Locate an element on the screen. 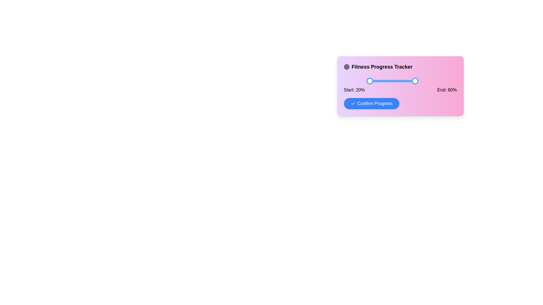 The width and height of the screenshot is (543, 305). the Iconic element (circle) located in the middle of the concentric circles next to the text 'Fitness Progress Tracker' at the top-left of the card is located at coordinates (346, 66).